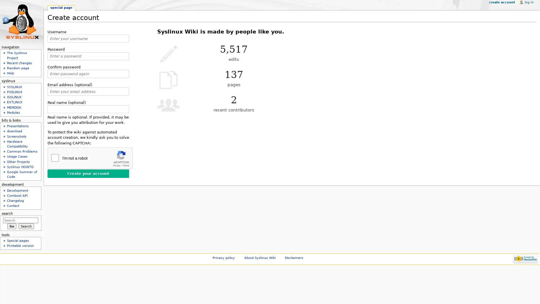  What do you see at coordinates (87, 173) in the screenshot?
I see `Create your account` at bounding box center [87, 173].